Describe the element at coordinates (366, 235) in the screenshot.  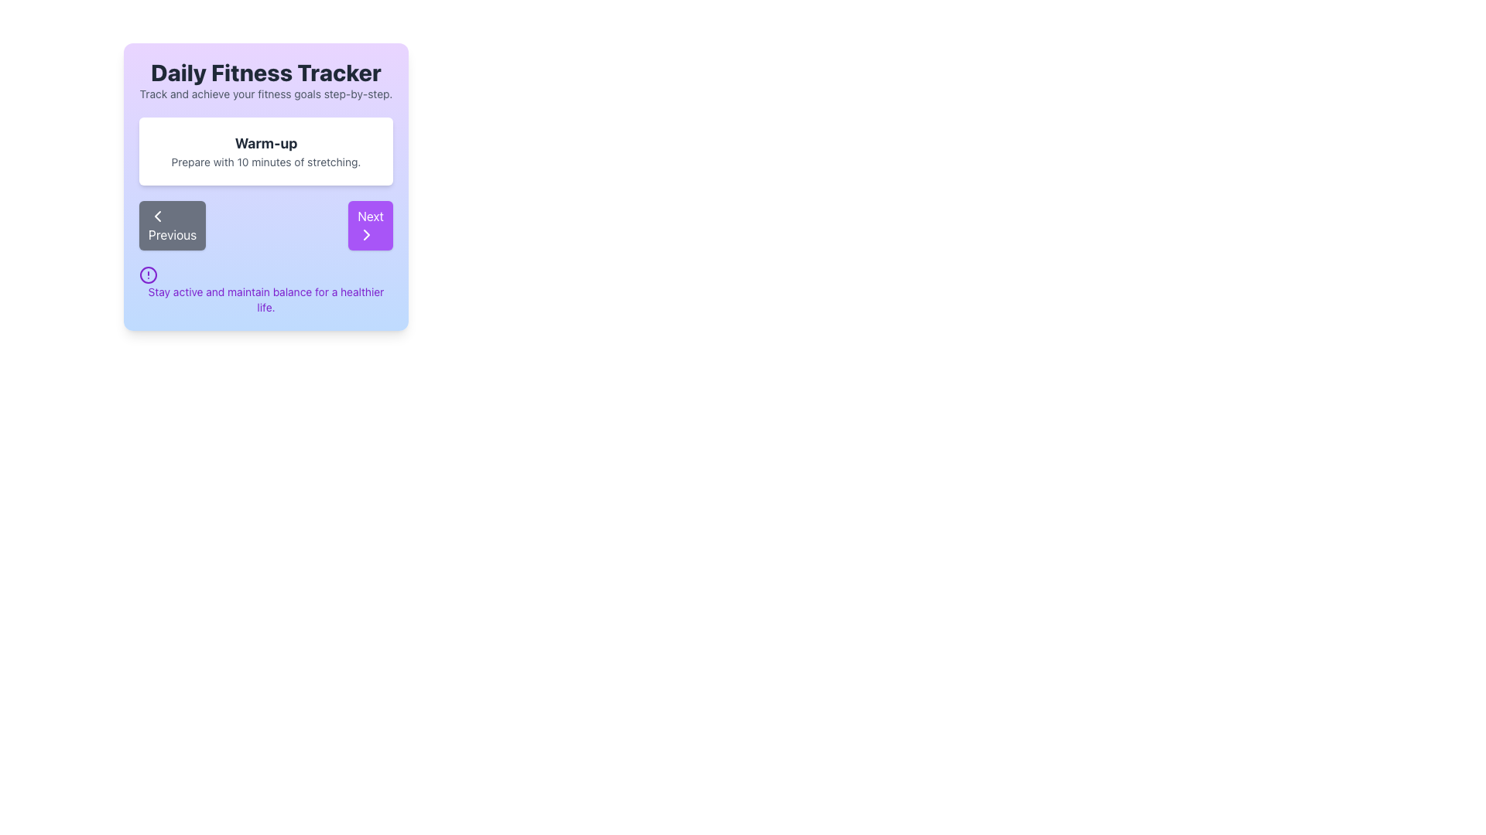
I see `the arrow icon inside the 'Next' button located on the right side of the interface, which serves as a visual cue for progressing to the next step` at that location.